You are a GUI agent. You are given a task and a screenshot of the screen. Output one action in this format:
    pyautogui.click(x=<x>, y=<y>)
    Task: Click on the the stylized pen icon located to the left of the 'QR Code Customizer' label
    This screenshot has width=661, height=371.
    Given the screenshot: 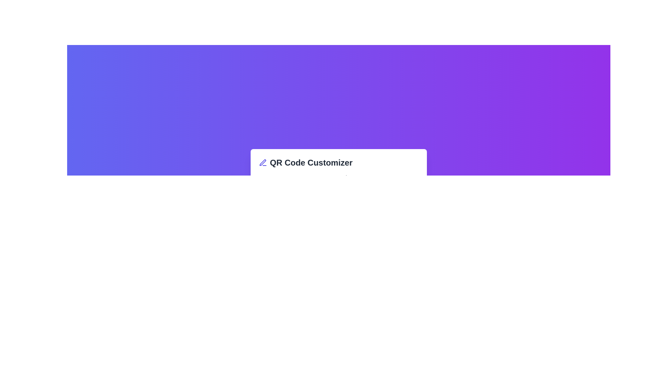 What is the action you would take?
    pyautogui.click(x=262, y=162)
    